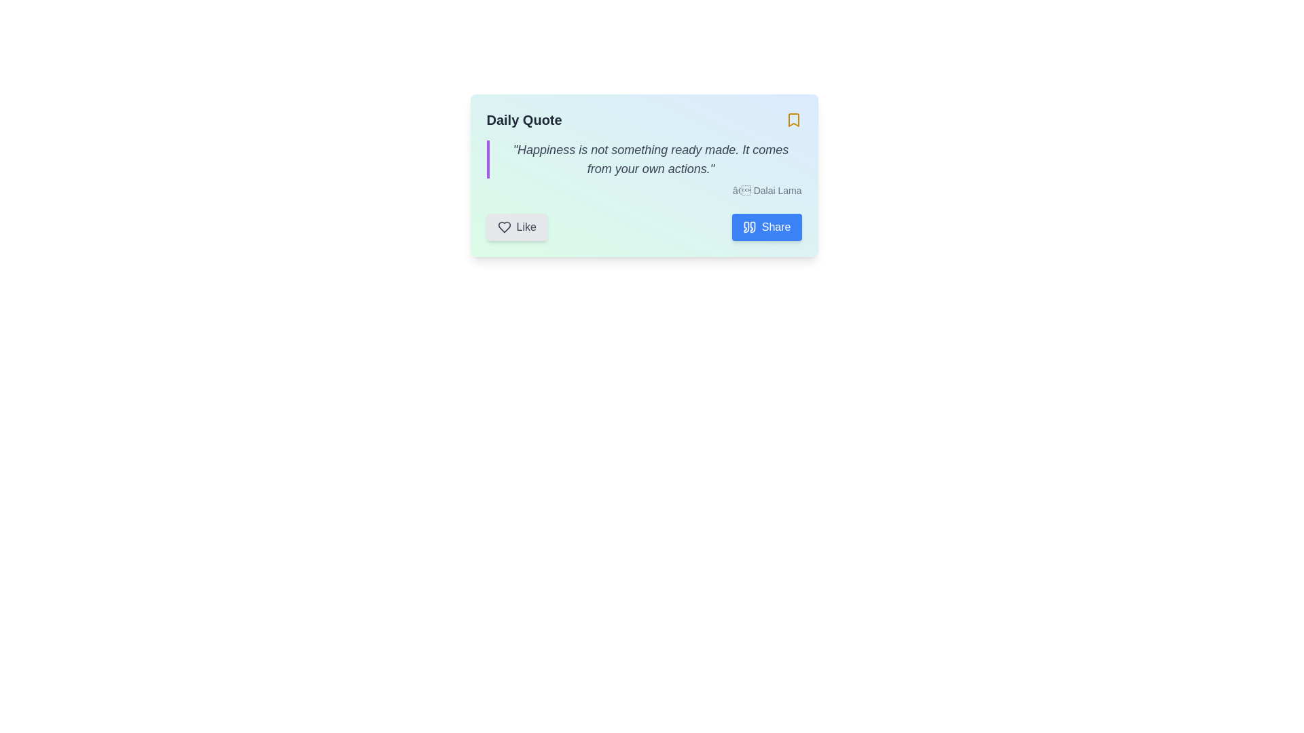 Image resolution: width=1304 pixels, height=733 pixels. What do you see at coordinates (503, 227) in the screenshot?
I see `the outlined heart icon within the 'Like' button located below the quote card` at bounding box center [503, 227].